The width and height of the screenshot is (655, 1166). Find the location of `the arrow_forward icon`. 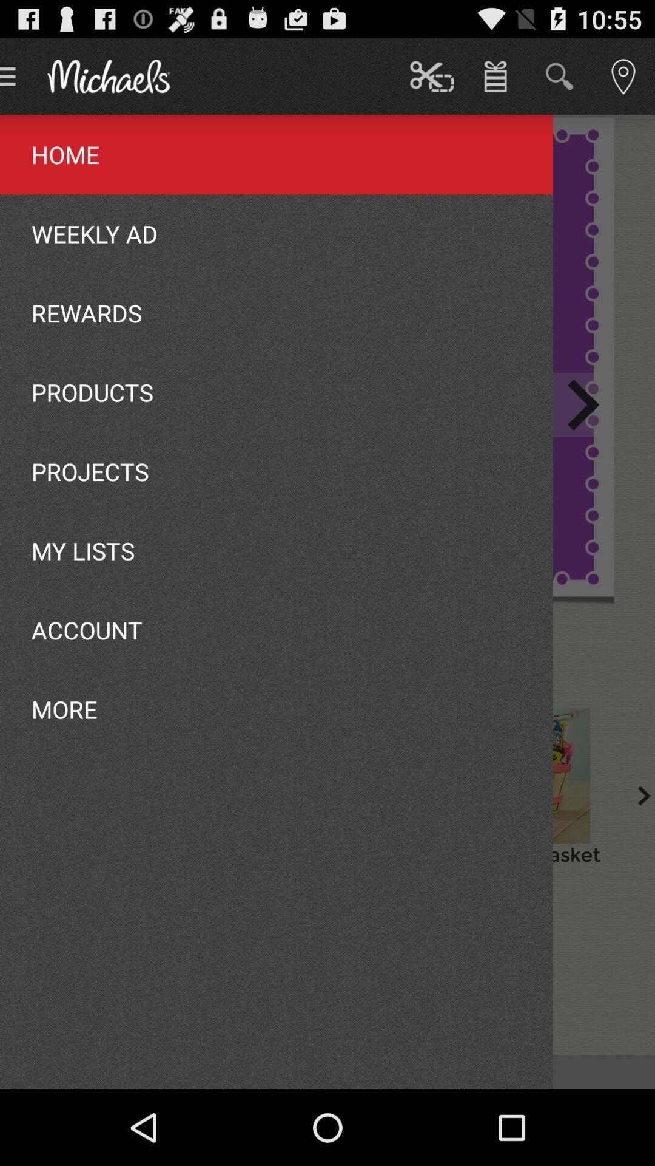

the arrow_forward icon is located at coordinates (582, 433).